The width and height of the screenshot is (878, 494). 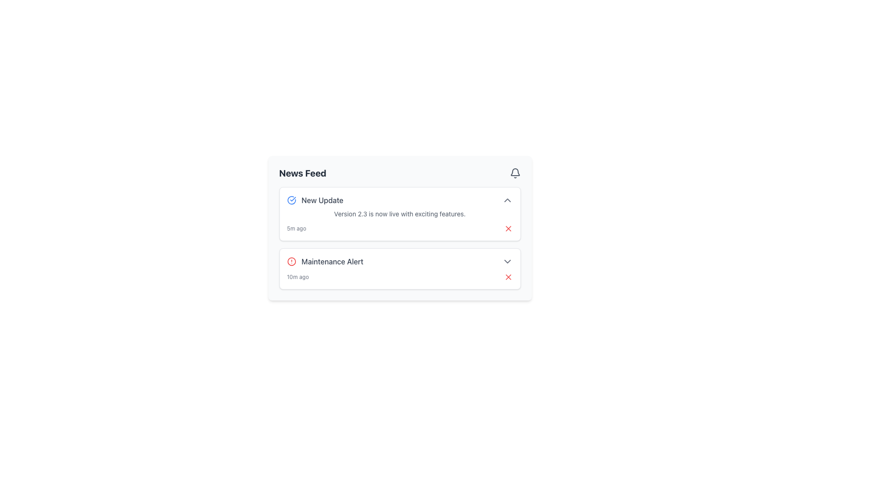 What do you see at coordinates (332, 261) in the screenshot?
I see `the Text Label that displays the title or heading for an alert notification, positioned to the right of an alert icon and above a timestamp in the 'News Feed' card` at bounding box center [332, 261].